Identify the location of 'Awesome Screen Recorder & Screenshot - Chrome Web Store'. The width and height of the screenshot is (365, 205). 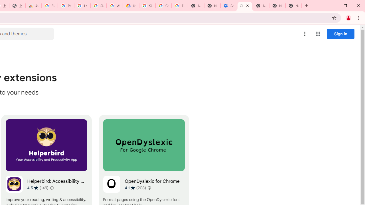
(33, 6).